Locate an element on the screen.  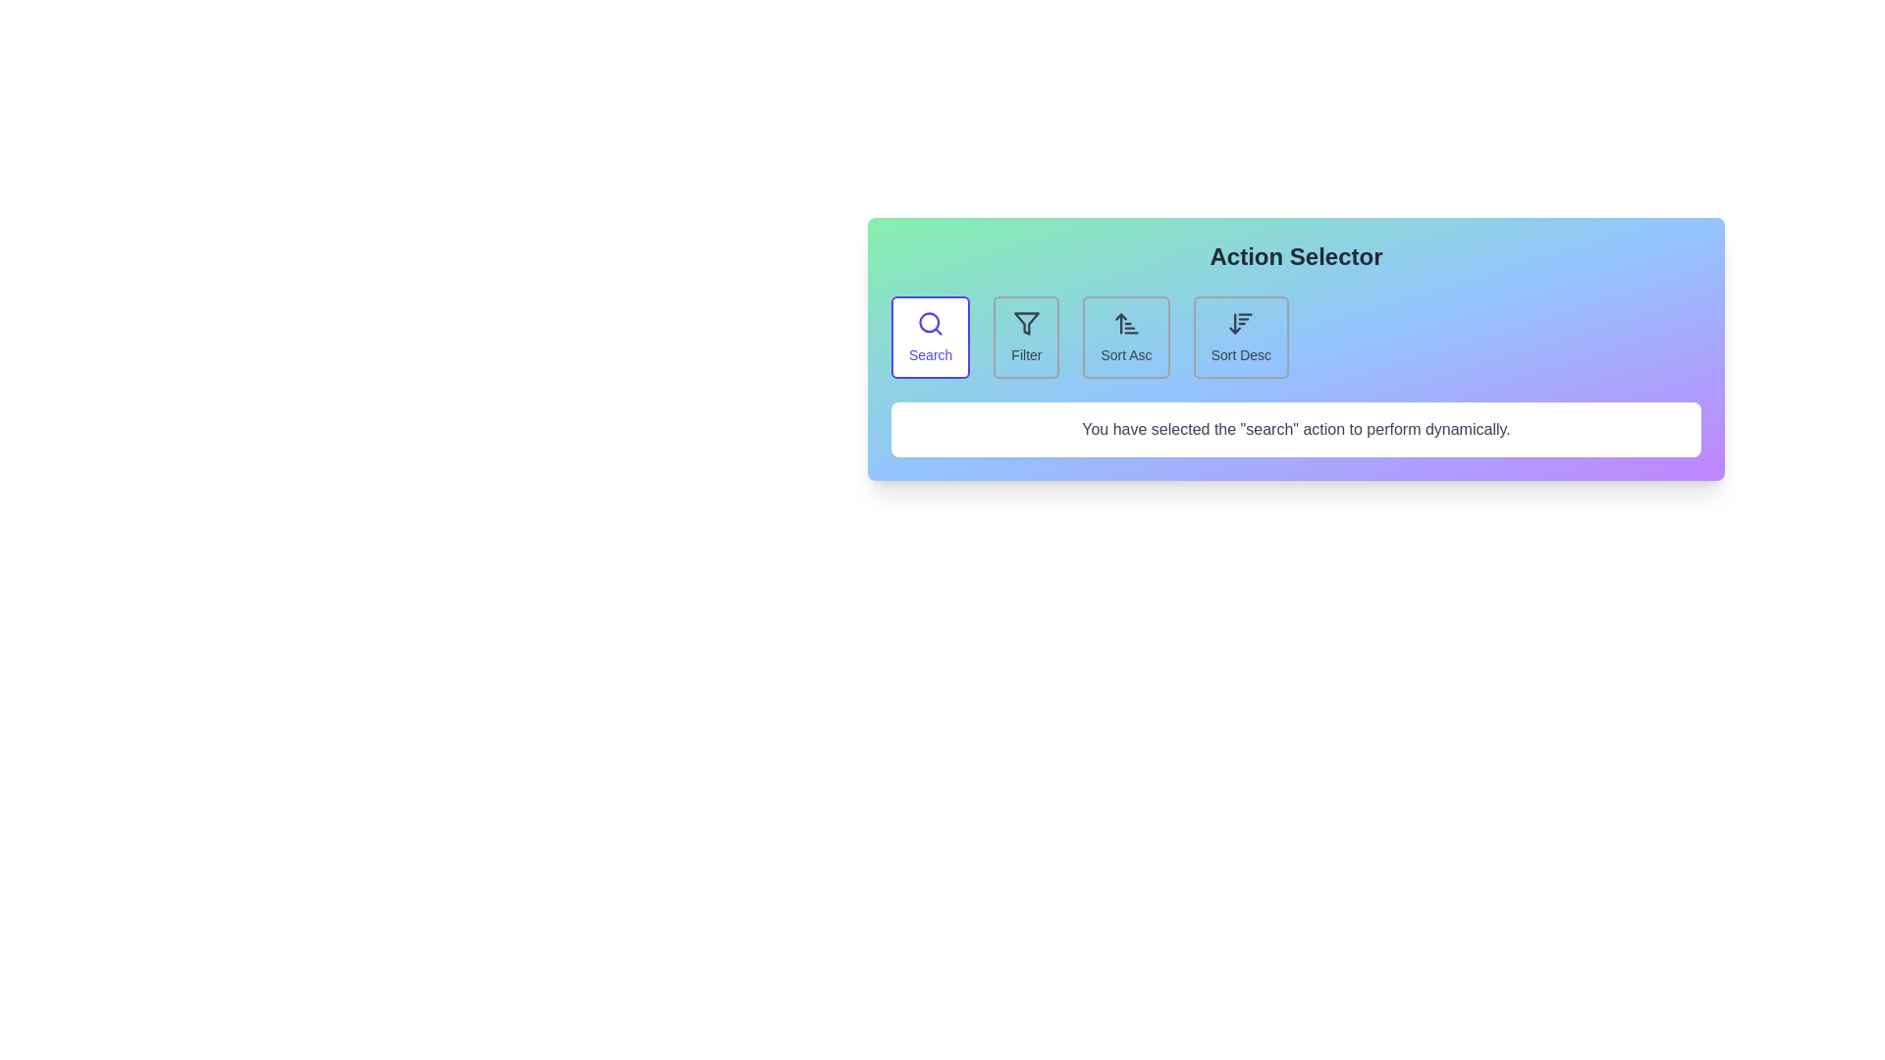
the third button from the left in a horizontal group of four buttons to sort items in ascending order is located at coordinates (1126, 336).